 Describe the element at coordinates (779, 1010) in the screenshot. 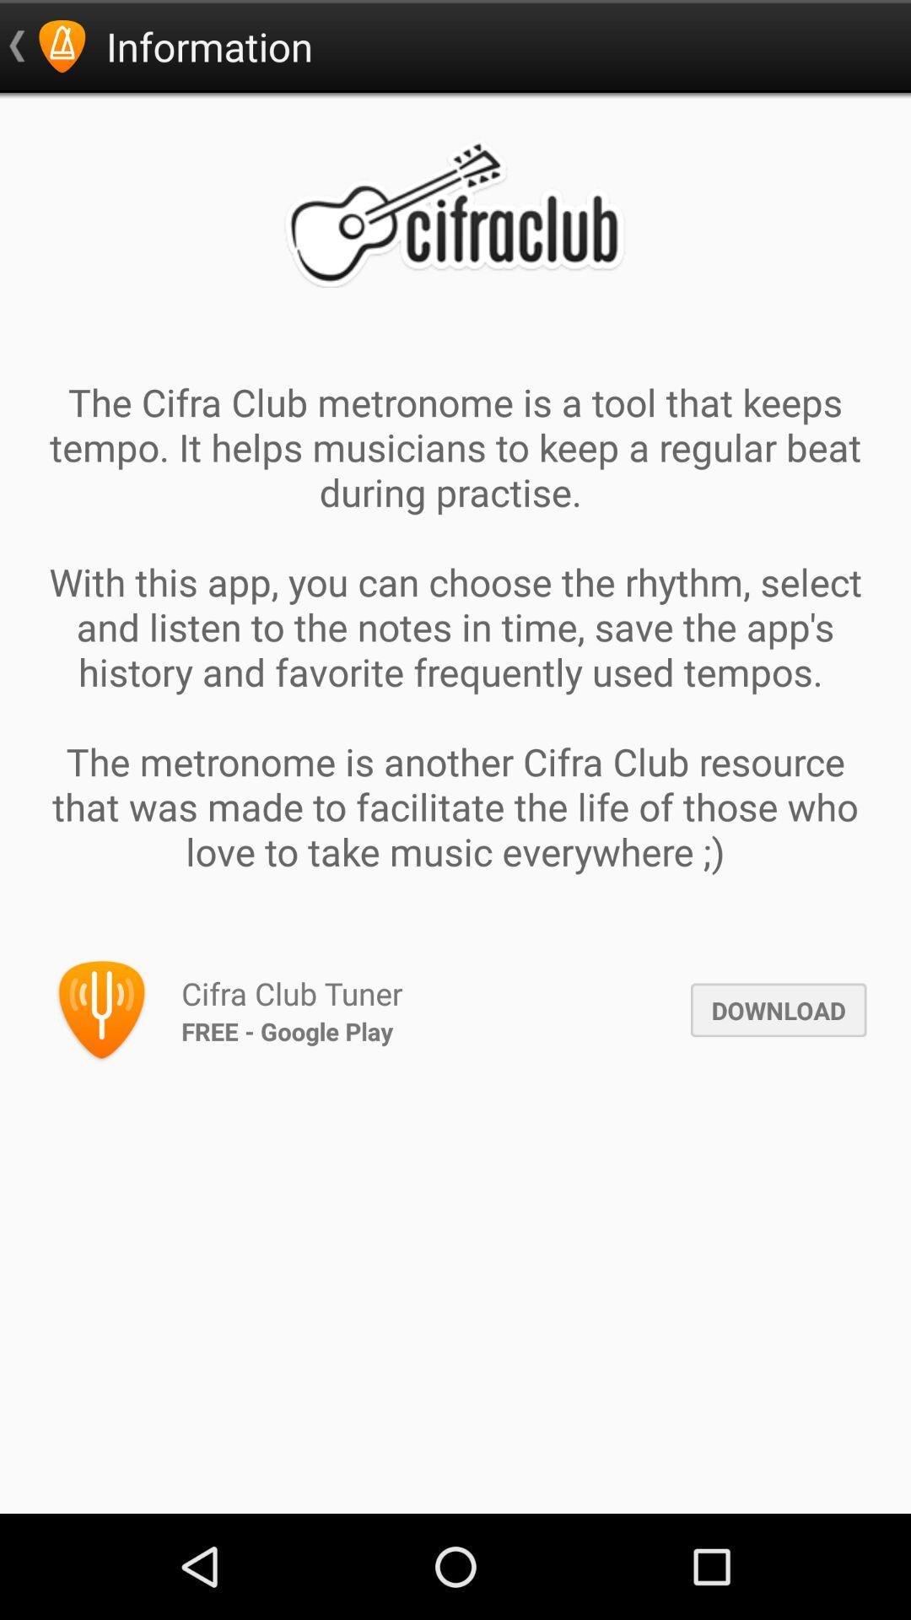

I see `item to the right of the cifra club tuner item` at that location.